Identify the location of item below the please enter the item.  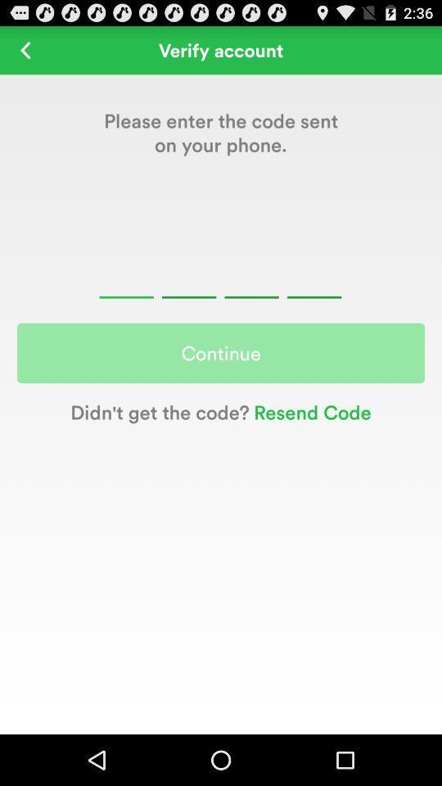
(220, 278).